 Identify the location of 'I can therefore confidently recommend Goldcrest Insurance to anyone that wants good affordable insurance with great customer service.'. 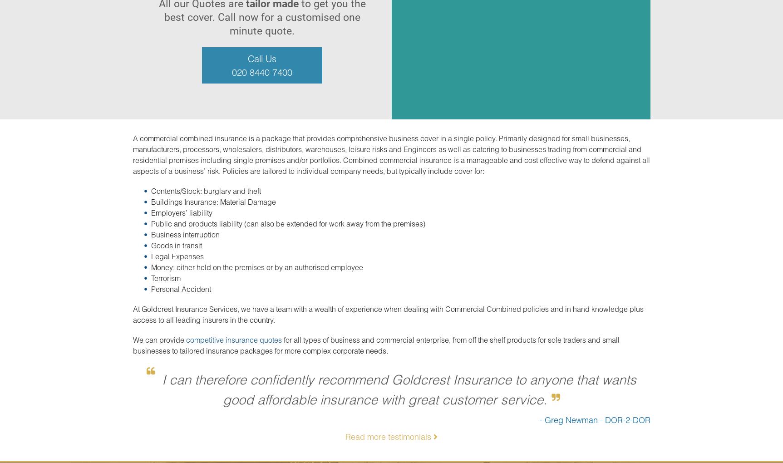
(399, 389).